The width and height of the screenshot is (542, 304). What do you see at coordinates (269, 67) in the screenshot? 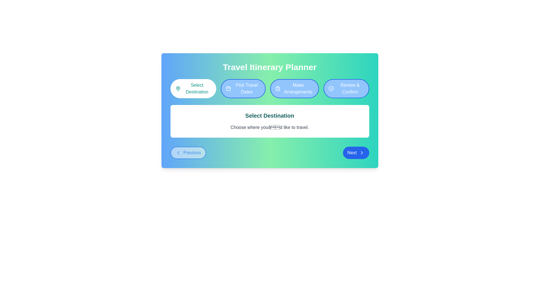
I see `the text label displaying 'Travel Itinerary Planner' which is centered at the top of the card` at bounding box center [269, 67].